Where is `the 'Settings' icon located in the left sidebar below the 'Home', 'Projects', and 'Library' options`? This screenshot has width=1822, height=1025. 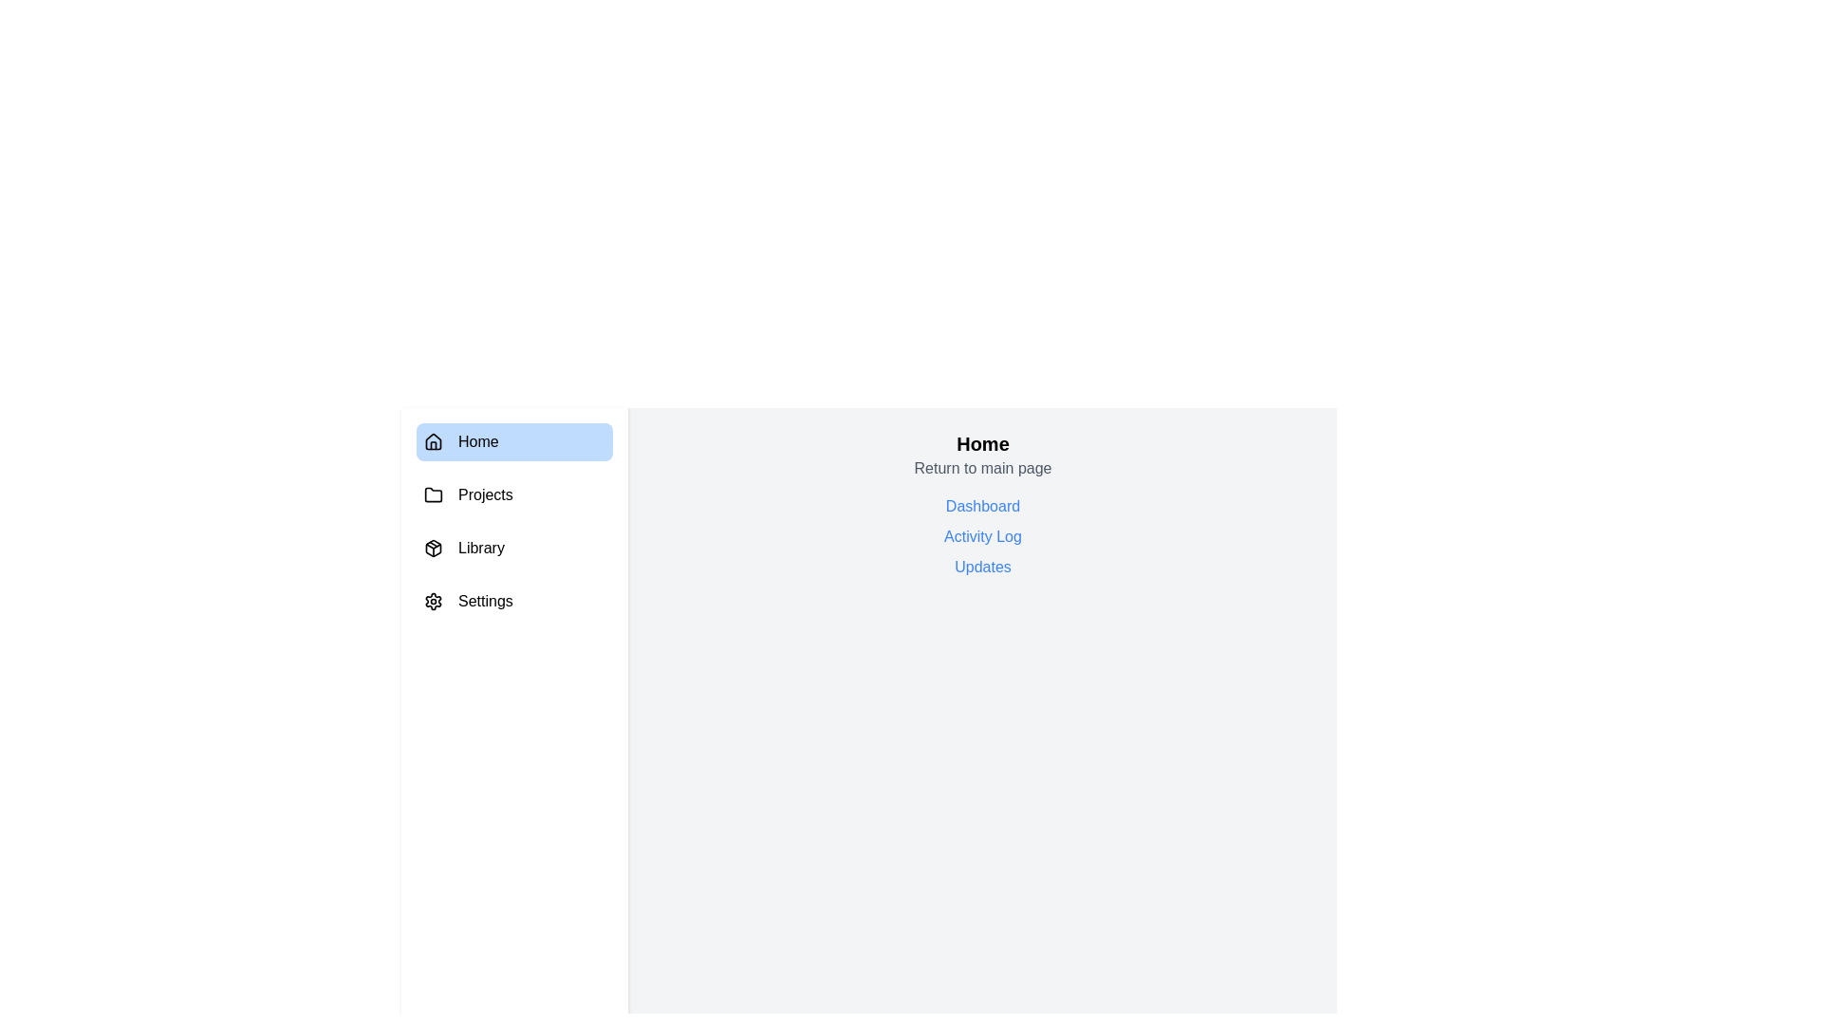 the 'Settings' icon located in the left sidebar below the 'Home', 'Projects', and 'Library' options is located at coordinates (432, 601).